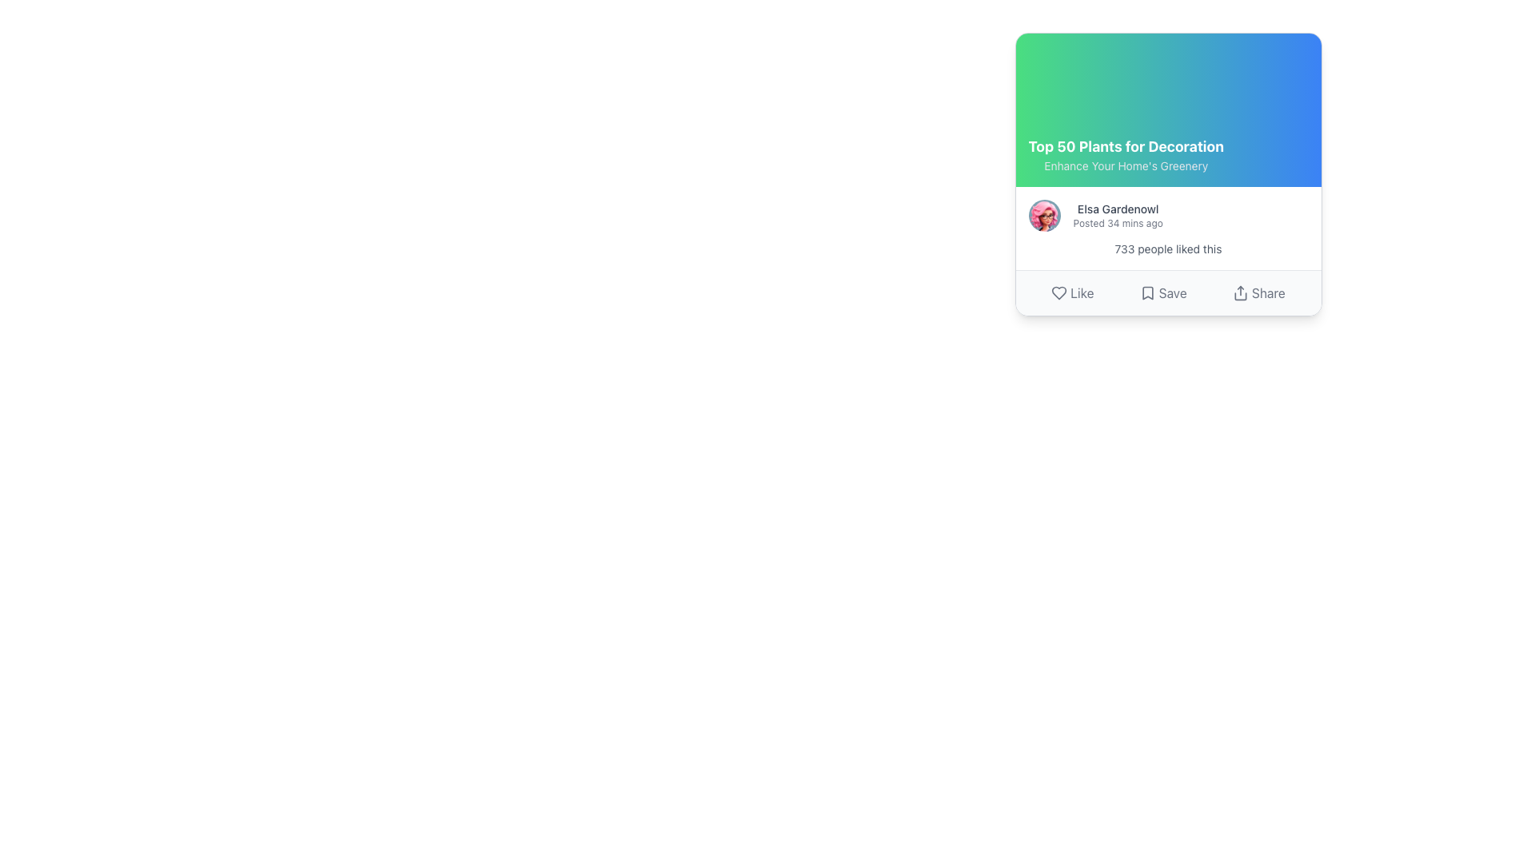 This screenshot has width=1535, height=863. I want to click on the Author Attribution Section that displays the name 'Elsa Gardenowl' and the time '34 mins ago' for a context menu, so click(1168, 216).